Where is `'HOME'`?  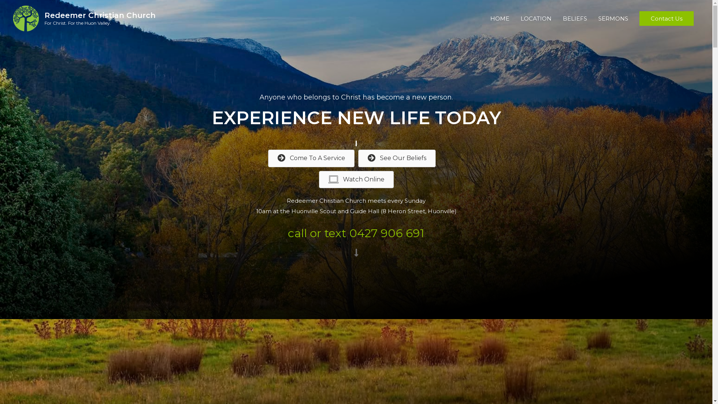
'HOME' is located at coordinates (500, 18).